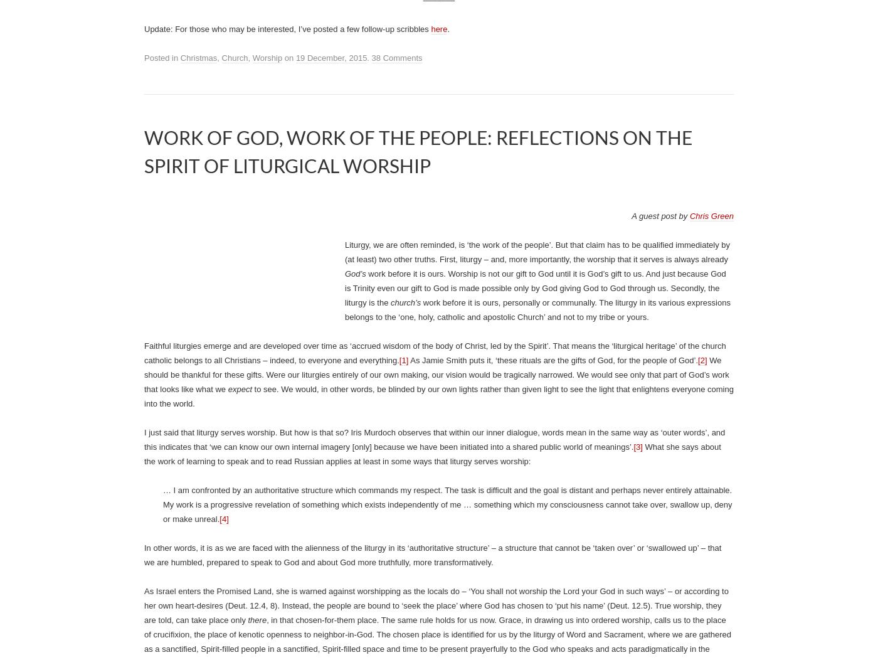 The width and height of the screenshot is (878, 660). I want to click on '19 December, 2015', so click(331, 58).